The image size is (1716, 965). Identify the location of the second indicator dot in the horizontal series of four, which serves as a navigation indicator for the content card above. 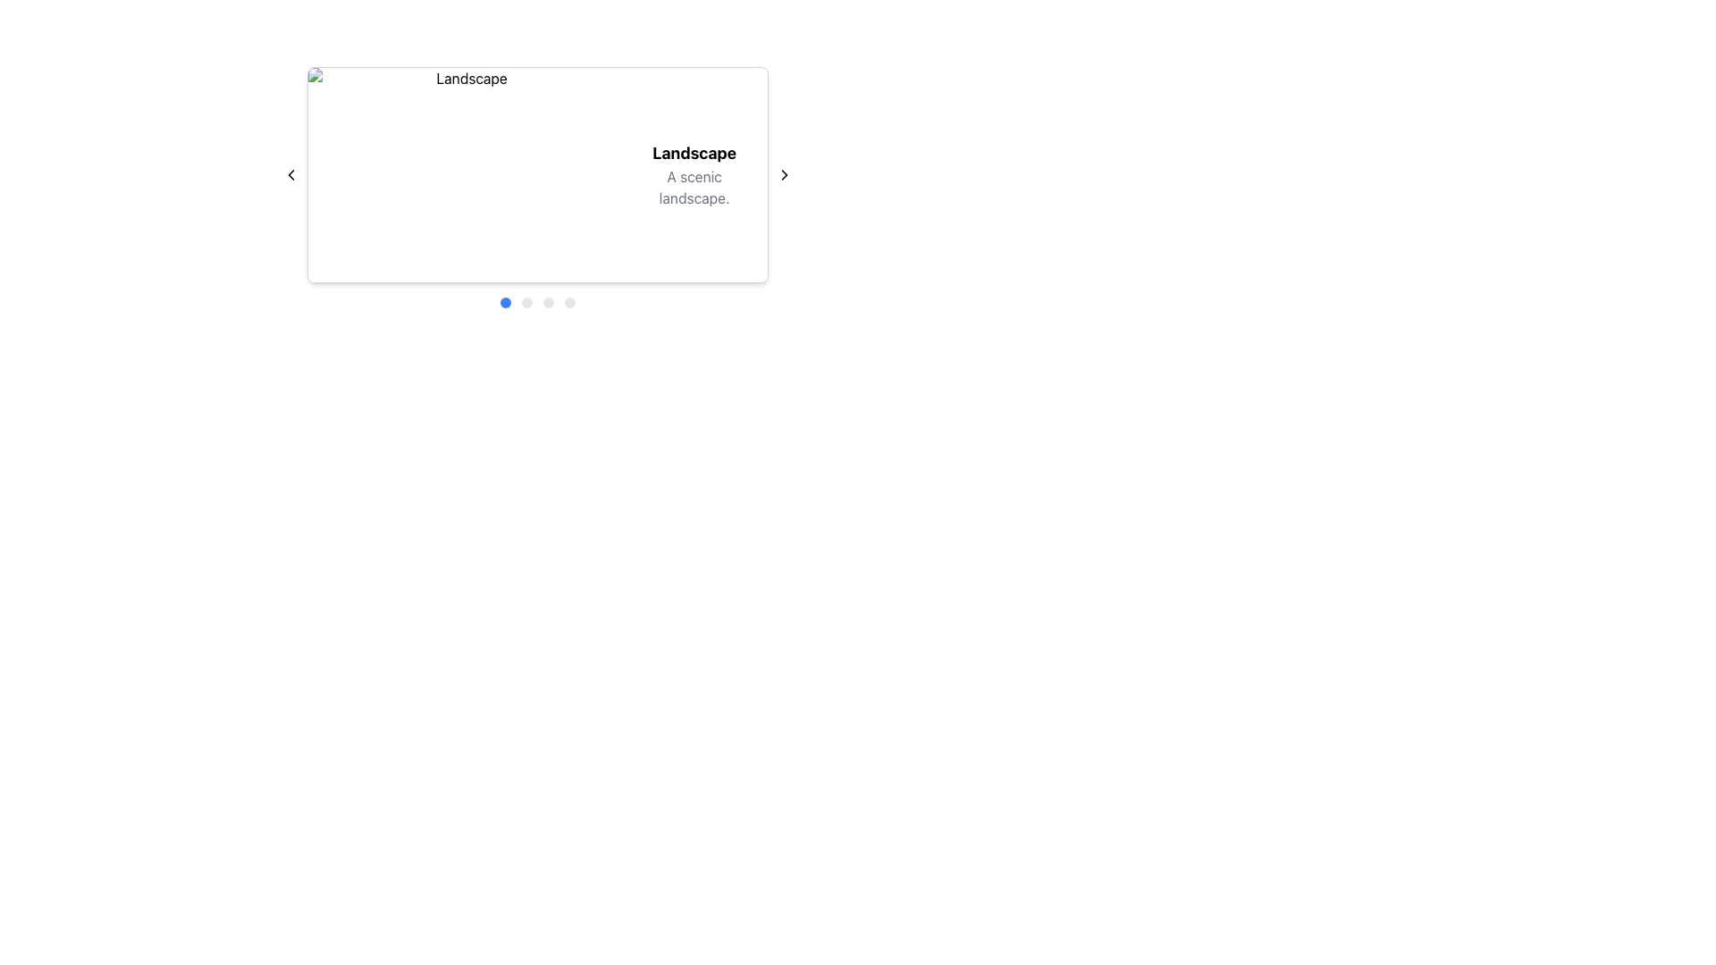
(526, 302).